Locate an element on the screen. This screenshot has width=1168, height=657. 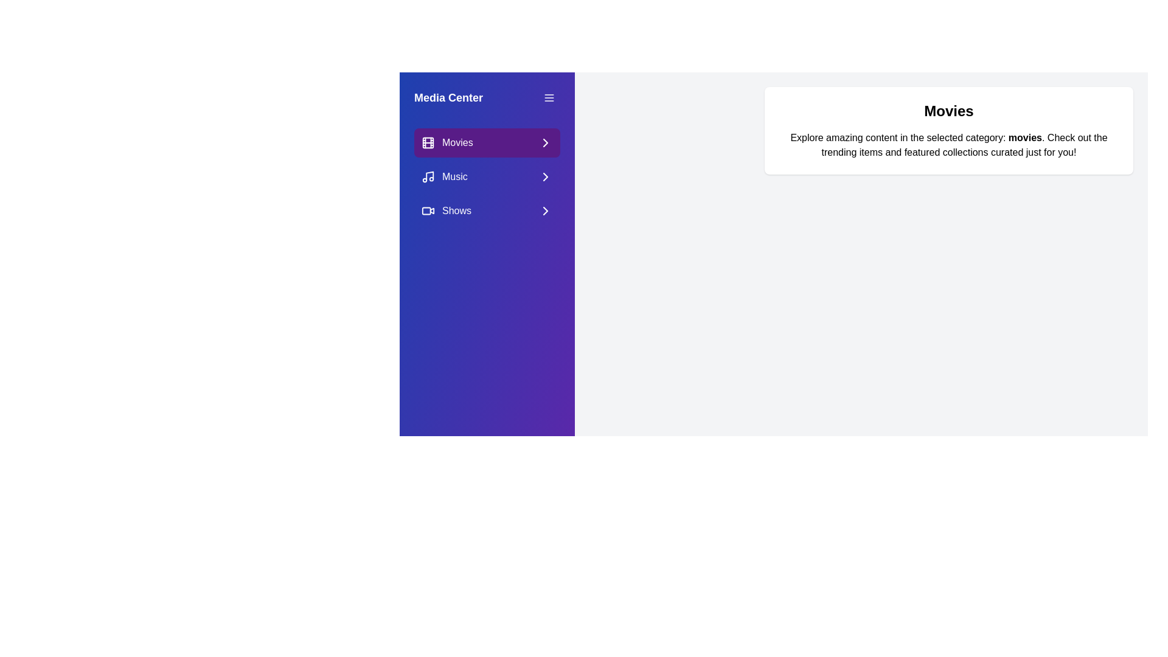
the vertical three-line (hamburger-style) menu icon located in the upper-right corner of the purple navigation bar labeled 'Media Center' is located at coordinates (548, 97).